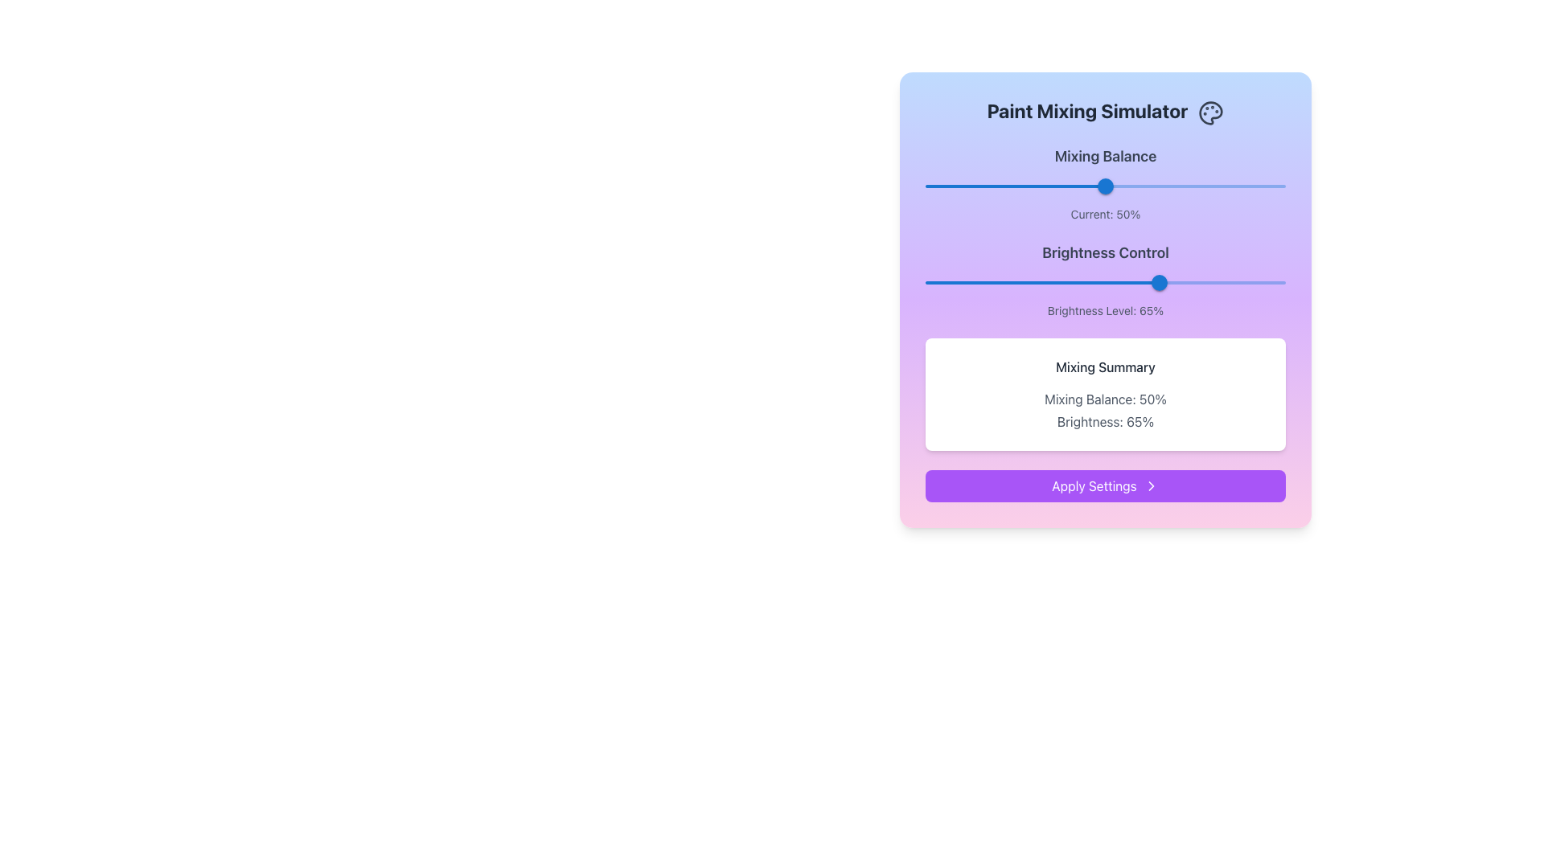 Image resolution: width=1544 pixels, height=868 pixels. Describe the element at coordinates (1119, 281) in the screenshot. I see `the Brightness Control slider` at that location.